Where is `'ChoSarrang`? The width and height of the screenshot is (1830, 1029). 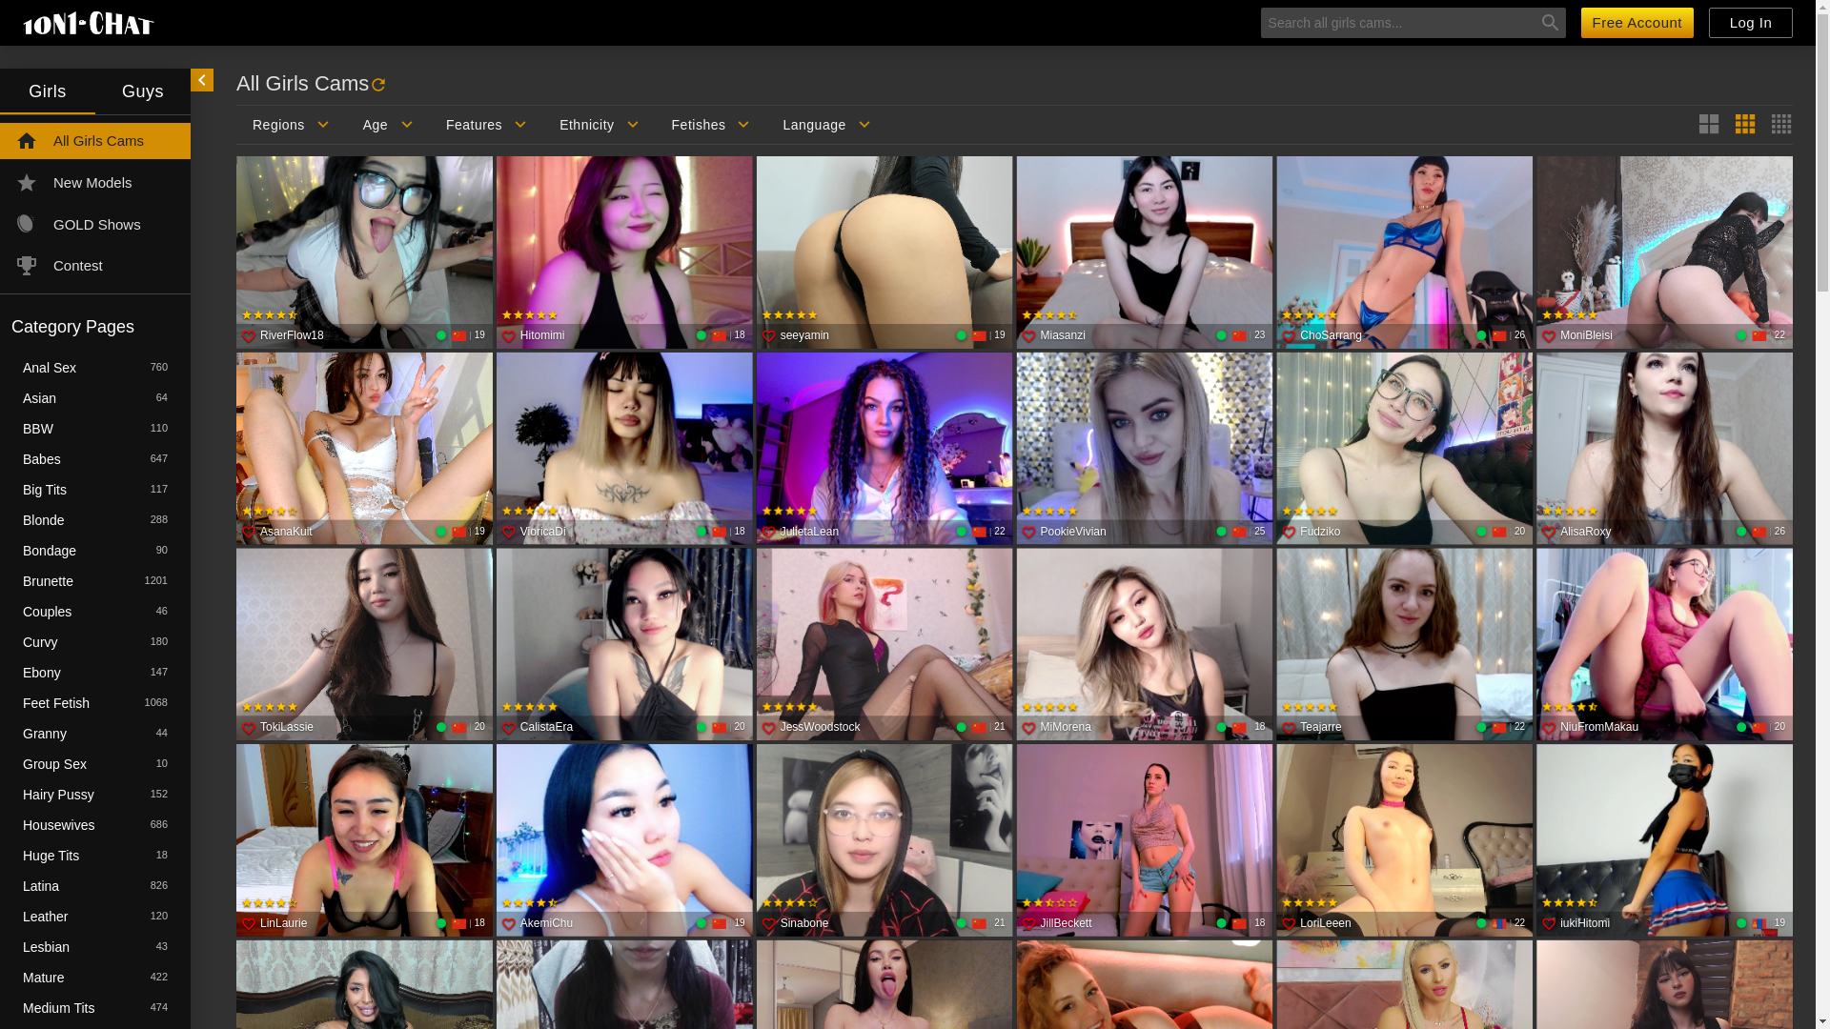 'ChoSarrang is located at coordinates (1404, 252).